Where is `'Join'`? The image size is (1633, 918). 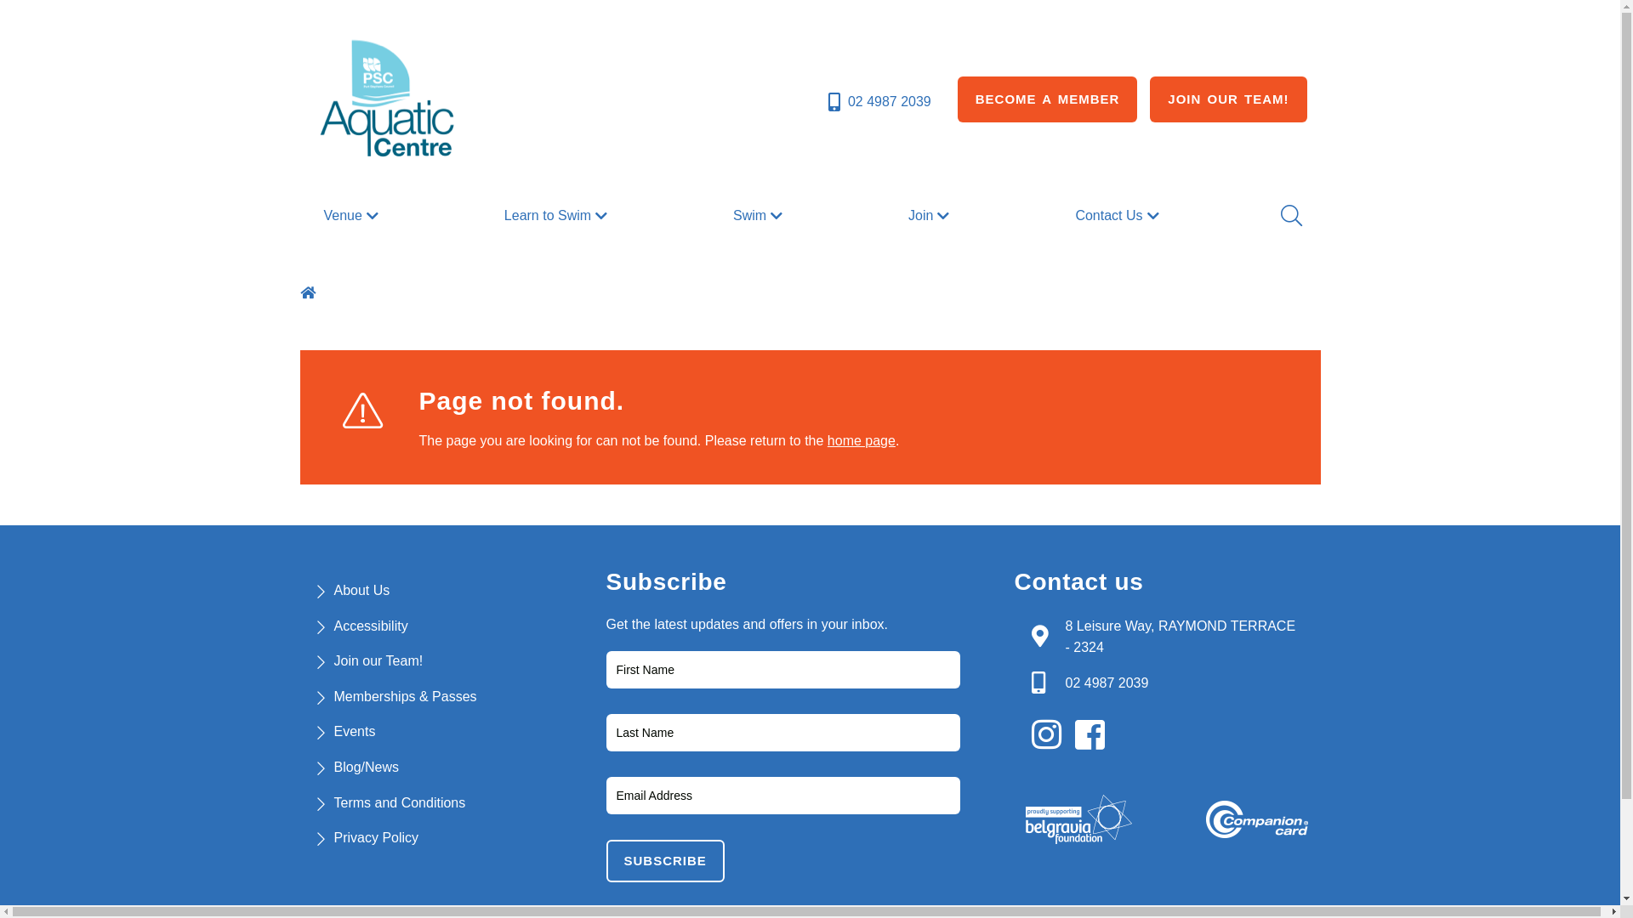
'Join' is located at coordinates (901, 215).